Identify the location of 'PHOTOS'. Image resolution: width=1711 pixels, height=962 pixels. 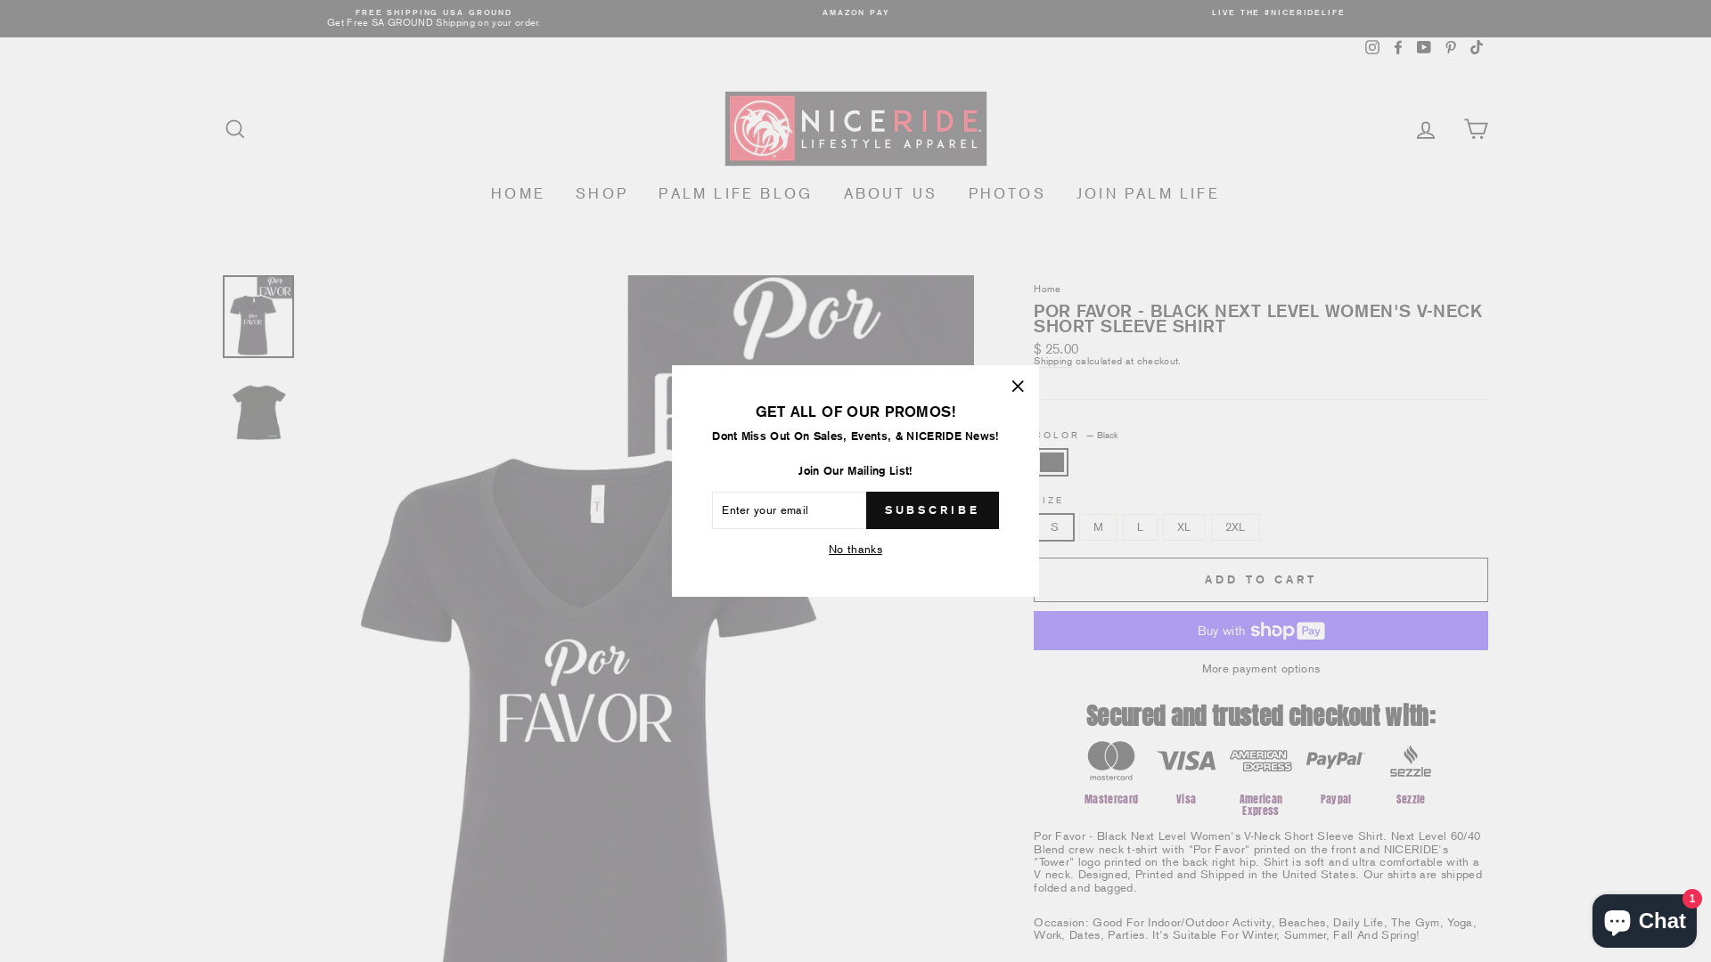
(1007, 193).